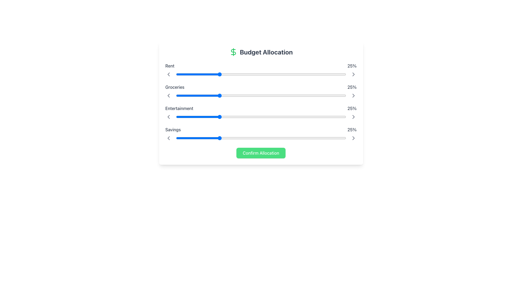 This screenshot has width=510, height=287. What do you see at coordinates (262, 116) in the screenshot?
I see `the slider value` at bounding box center [262, 116].